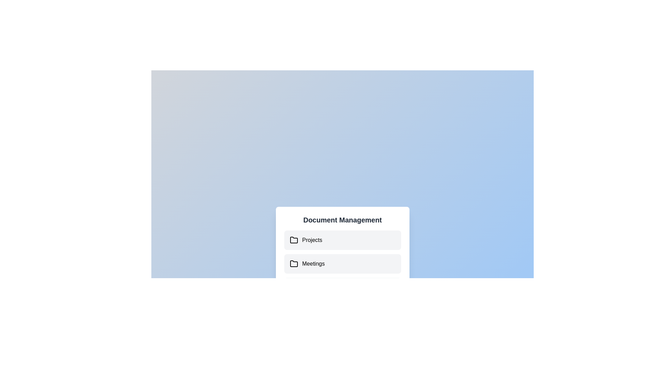 This screenshot has width=668, height=376. I want to click on the document 'Meeting Agenda.pdf' under the folder 'Meetings', so click(342, 264).